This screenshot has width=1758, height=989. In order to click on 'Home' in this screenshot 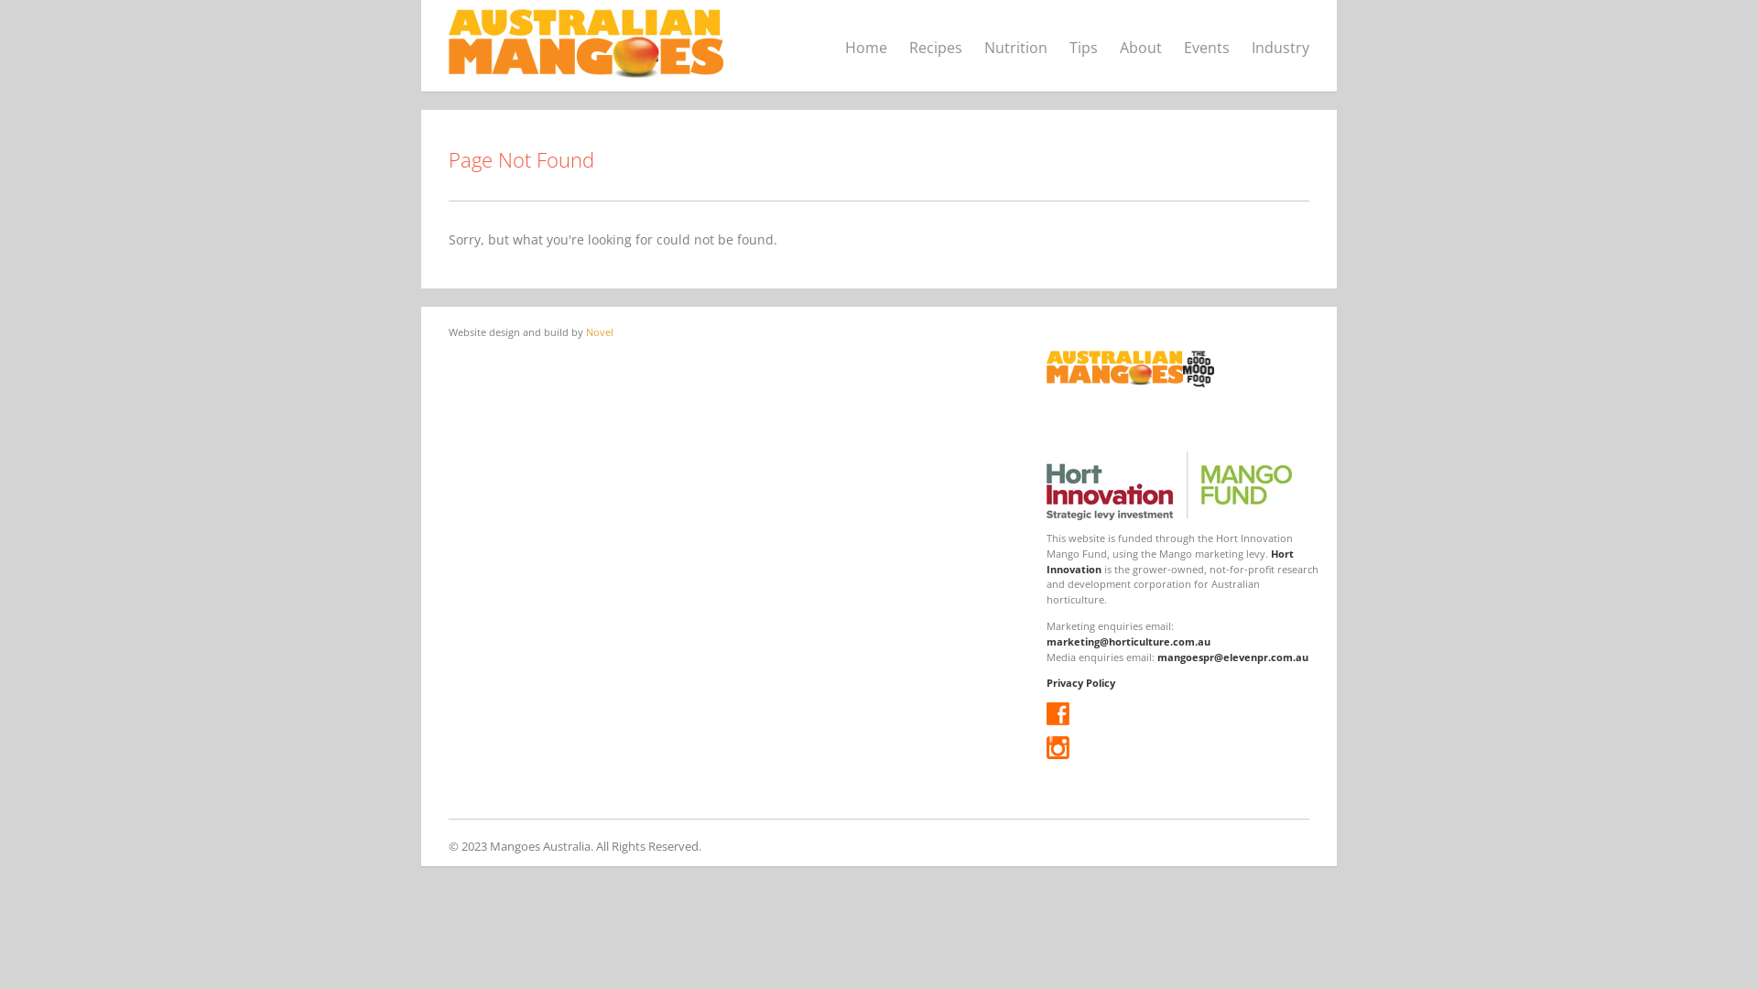, I will do `click(864, 47)`.